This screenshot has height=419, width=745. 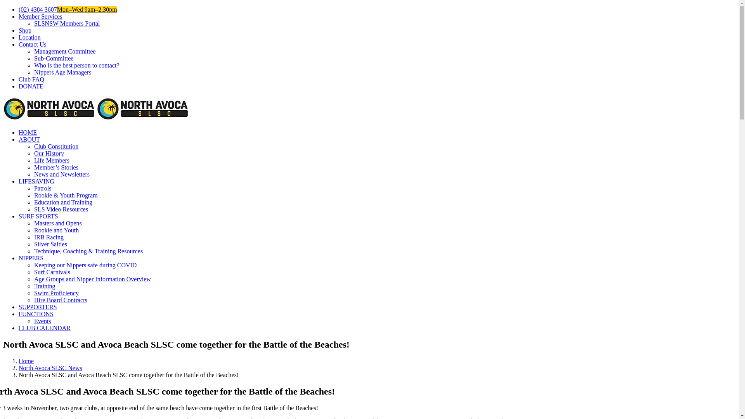 What do you see at coordinates (42, 321) in the screenshot?
I see `'Events'` at bounding box center [42, 321].